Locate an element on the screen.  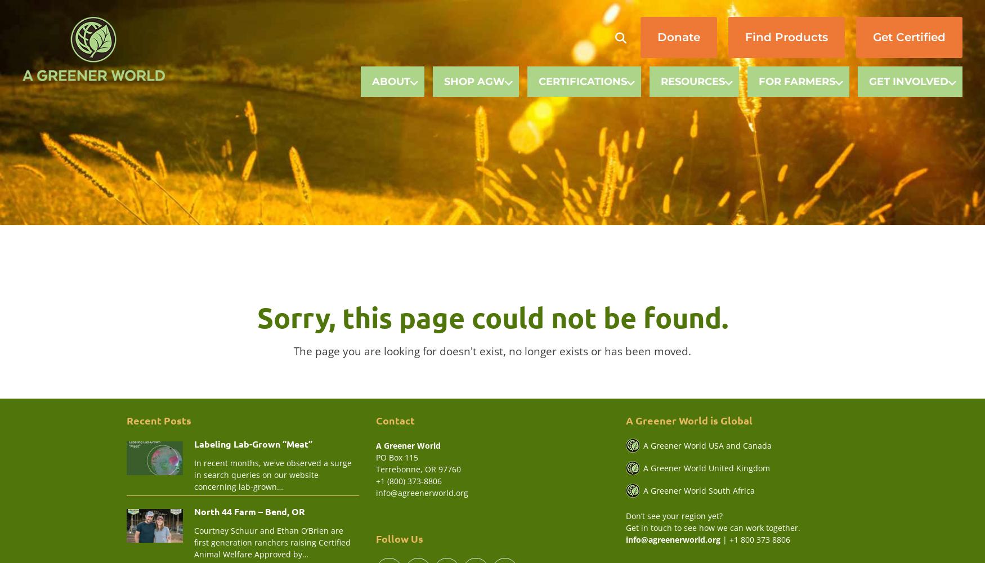
'Courtney Schuur and Ethan O’Brien are first generation ranchers raising Certified Animal Welfare Approved by…' is located at coordinates (194, 541).